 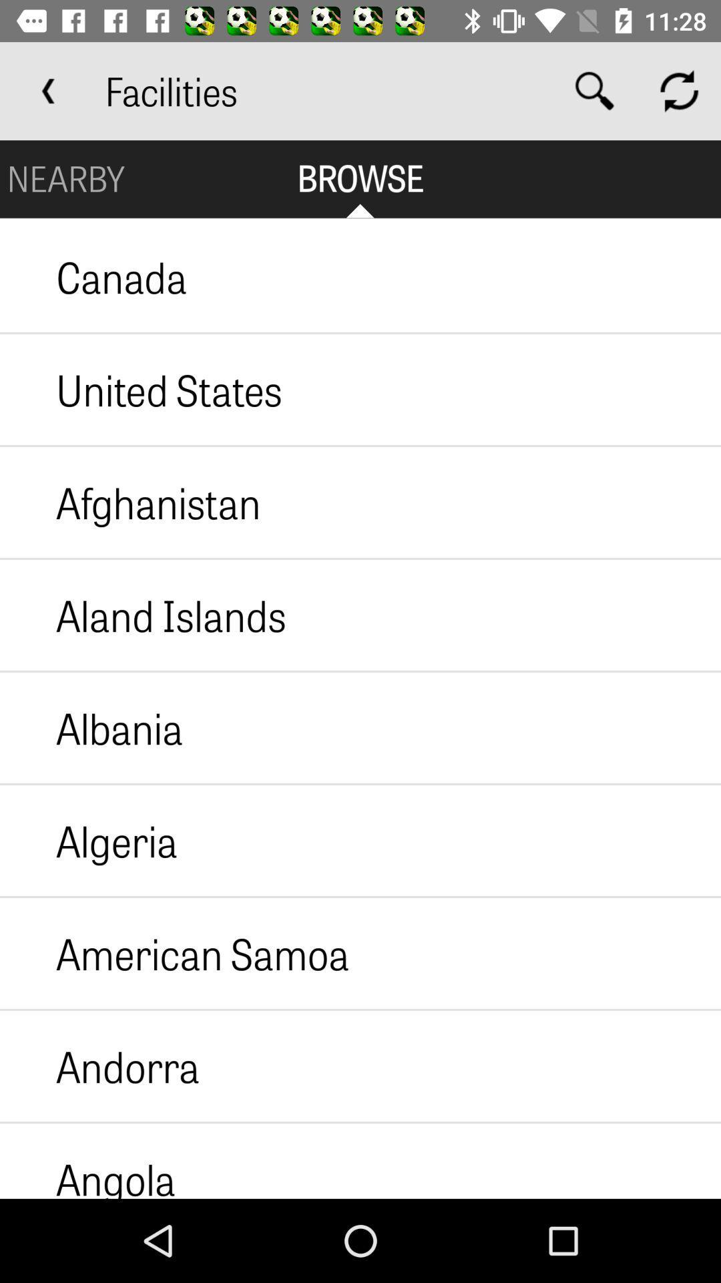 I want to click on icon to the right of facilities icon, so click(x=594, y=90).